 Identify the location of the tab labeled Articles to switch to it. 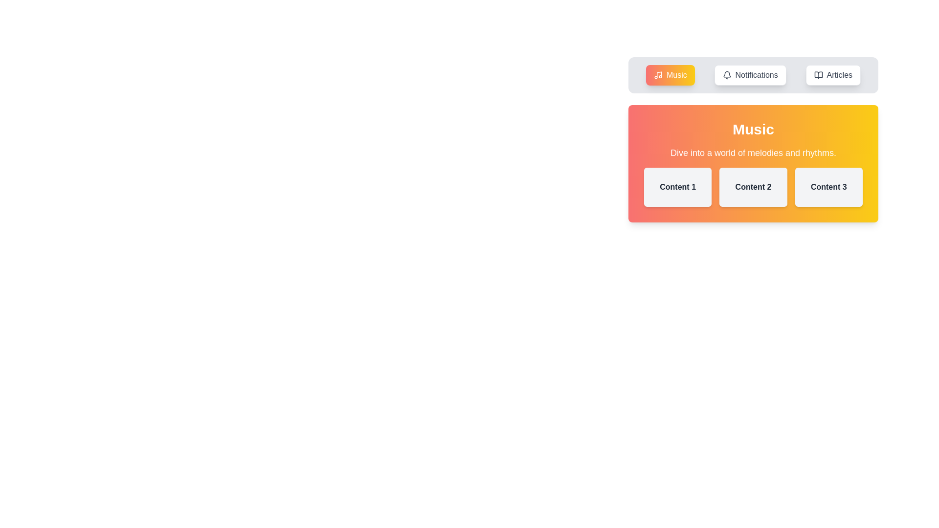
(832, 75).